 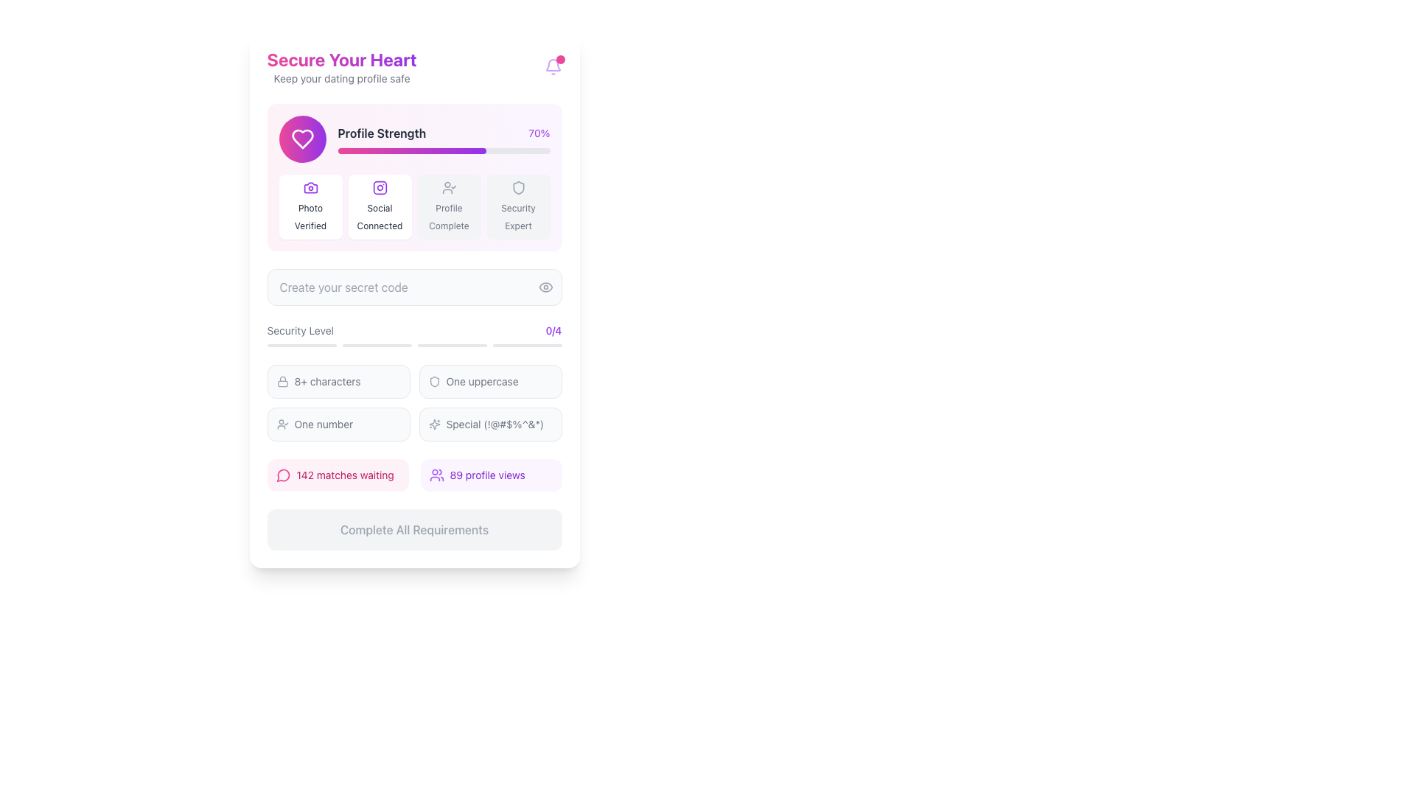 I want to click on the Text Label displaying 'Special (!@#$%^&*)', which is styled in a smaller gray font and is located under the 'Security Level' section at the bottom right of the main content box, so click(x=495, y=424).